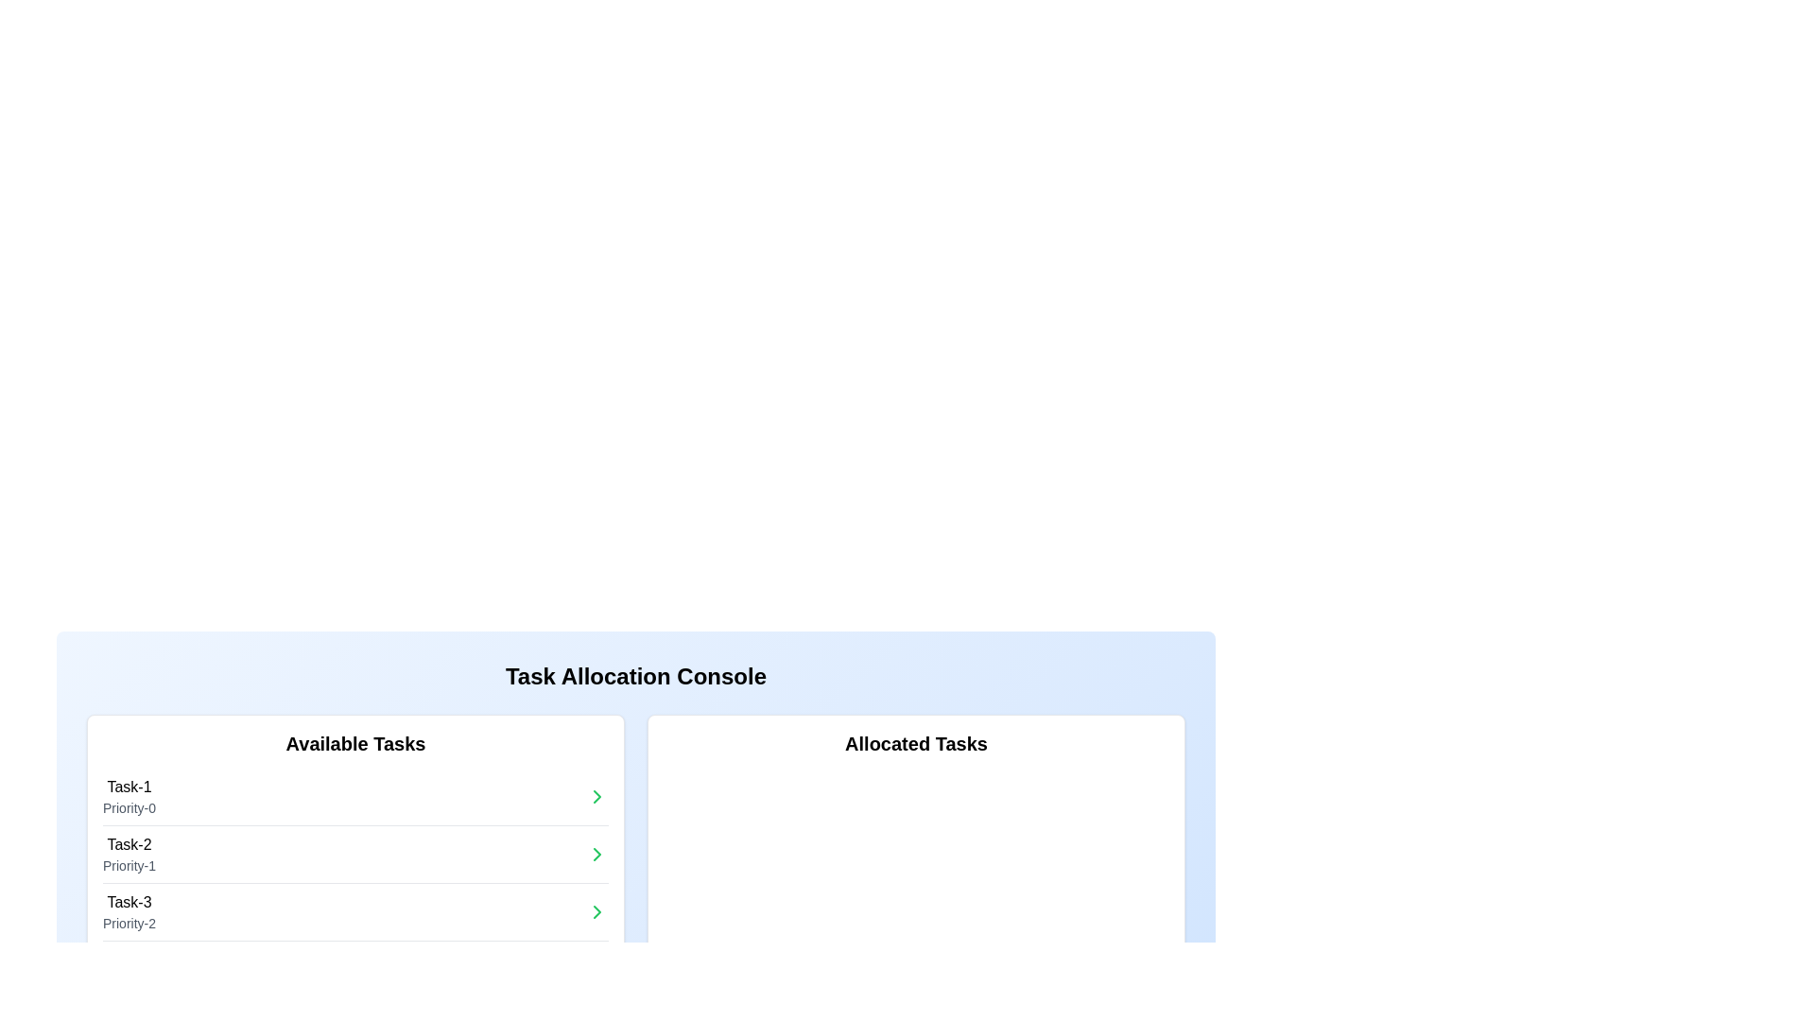 The width and height of the screenshot is (1815, 1021). I want to click on the rightward-pointing green arrow icon in the 'Available Tasks' panel, associated with the 'Task-1 Priority-0' row, so click(596, 797).